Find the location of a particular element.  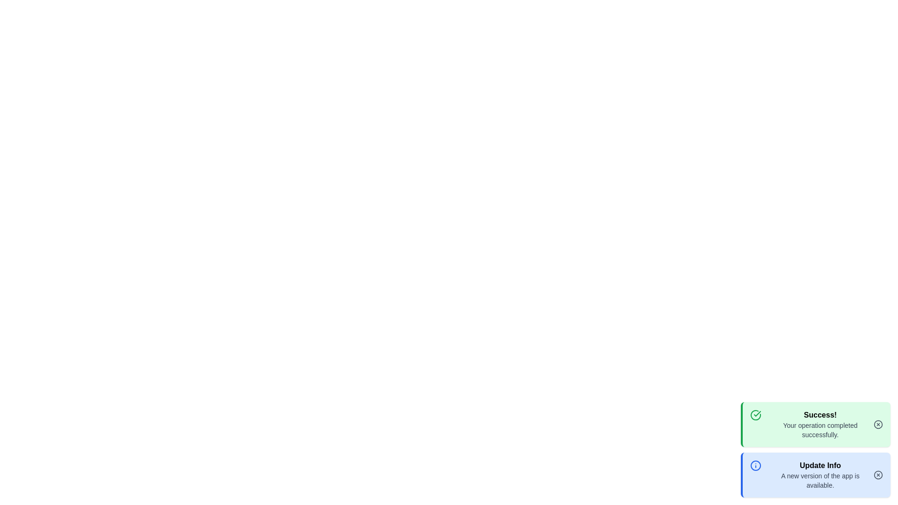

the informational Text Label that indicates the availability of a new app version, located in the 'Update Info' section, beneath the 'Success!' notification box is located at coordinates (819, 481).